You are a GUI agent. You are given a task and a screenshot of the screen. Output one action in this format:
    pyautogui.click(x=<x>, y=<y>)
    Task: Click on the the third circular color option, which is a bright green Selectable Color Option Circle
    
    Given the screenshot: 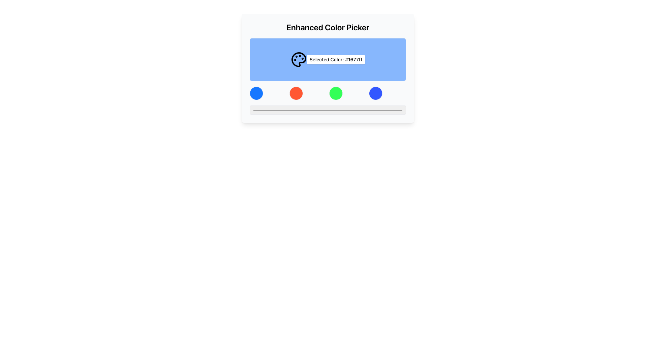 What is the action you would take?
    pyautogui.click(x=336, y=93)
    